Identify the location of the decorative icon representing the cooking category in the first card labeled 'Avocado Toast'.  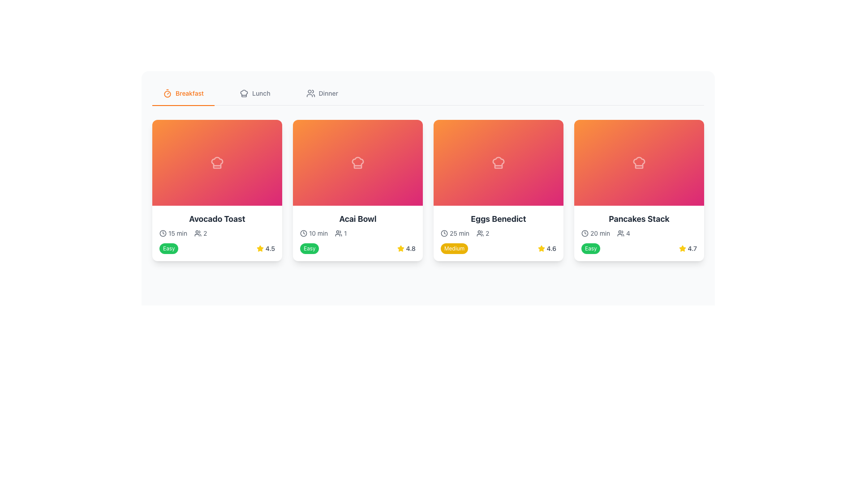
(217, 162).